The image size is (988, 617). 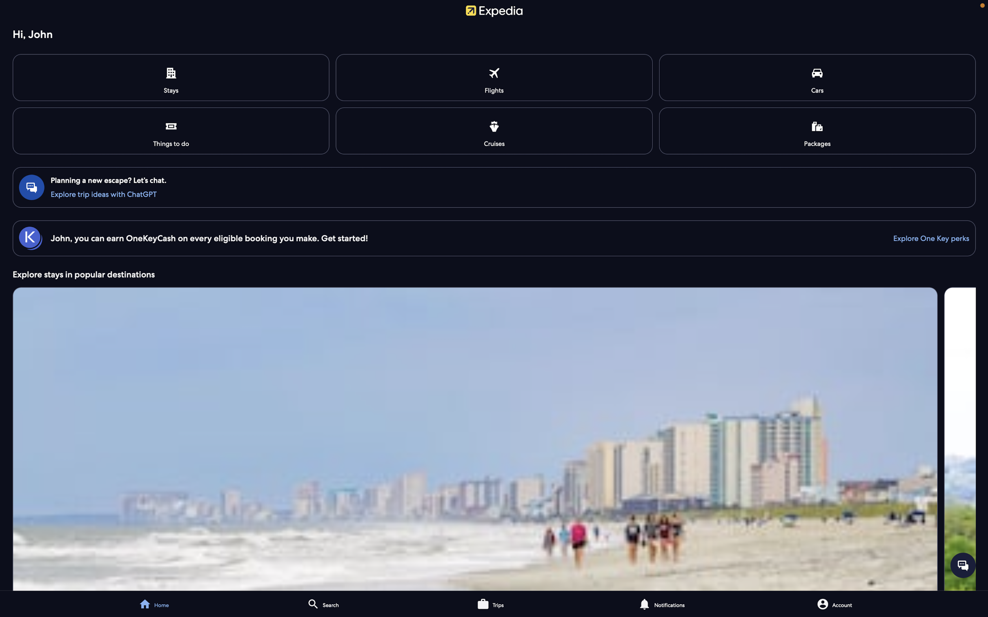 What do you see at coordinates (963, 564) in the screenshot?
I see `Begin the live chat with the helpdesk representative` at bounding box center [963, 564].